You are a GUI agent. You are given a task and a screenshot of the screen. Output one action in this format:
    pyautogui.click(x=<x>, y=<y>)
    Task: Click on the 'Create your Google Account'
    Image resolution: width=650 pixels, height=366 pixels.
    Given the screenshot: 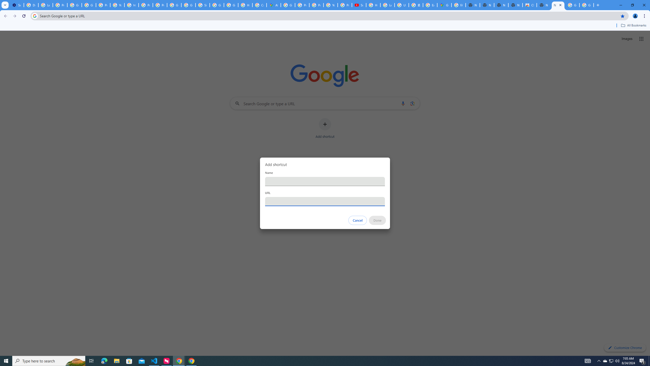 What is the action you would take?
    pyautogui.click(x=259, y=5)
    